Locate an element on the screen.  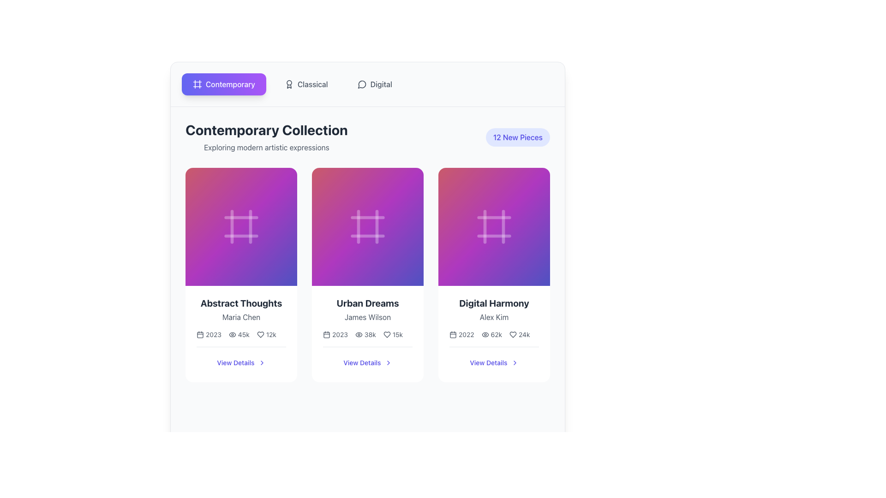
the 'Digital' menu option for keyboard navigation is located at coordinates (367, 84).